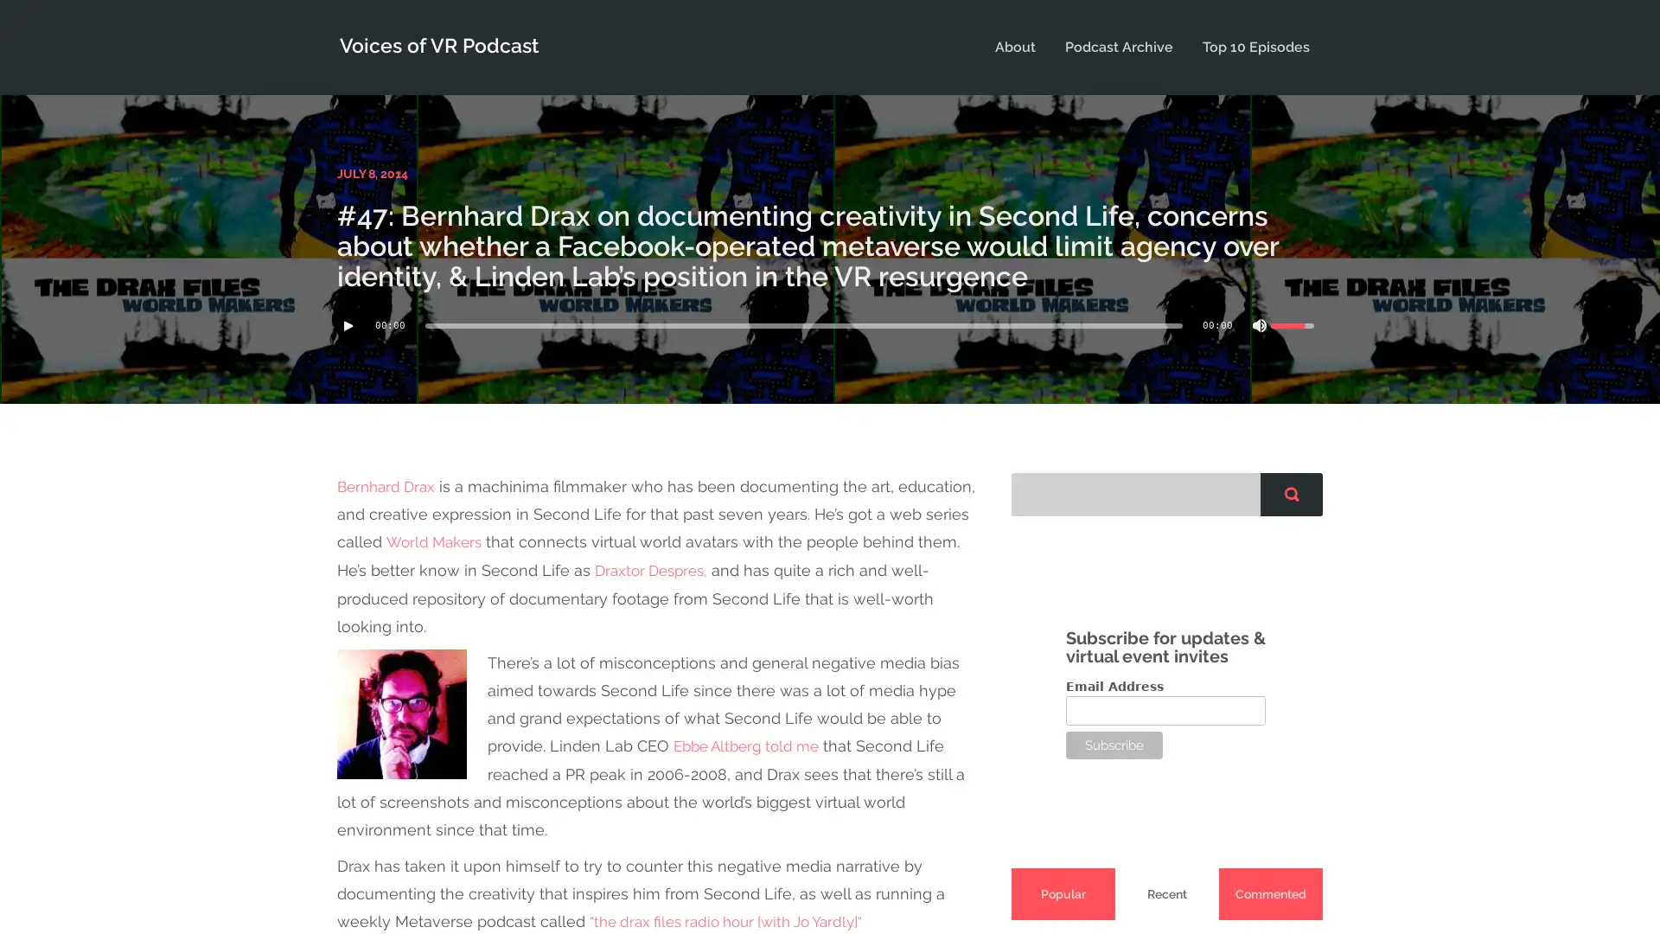  Describe the element at coordinates (348, 324) in the screenshot. I see `Play/Pause` at that location.